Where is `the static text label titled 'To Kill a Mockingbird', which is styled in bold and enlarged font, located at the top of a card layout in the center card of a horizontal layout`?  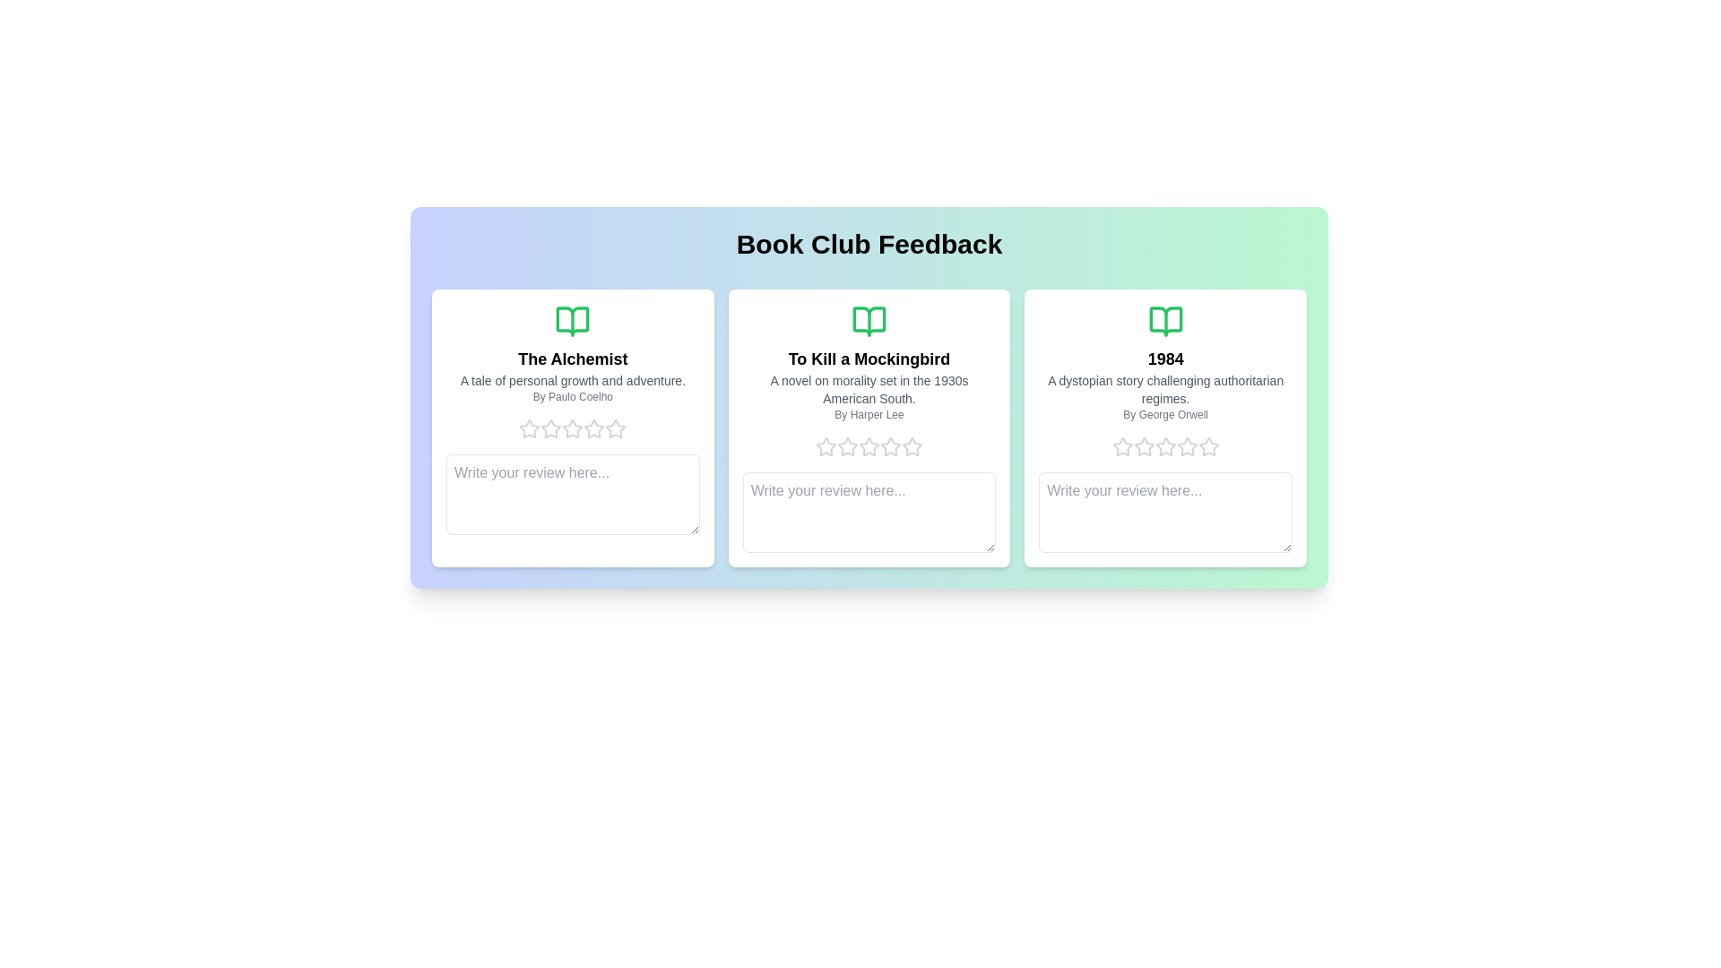 the static text label titled 'To Kill a Mockingbird', which is styled in bold and enlarged font, located at the top of a card layout in the center card of a horizontal layout is located at coordinates (869, 359).